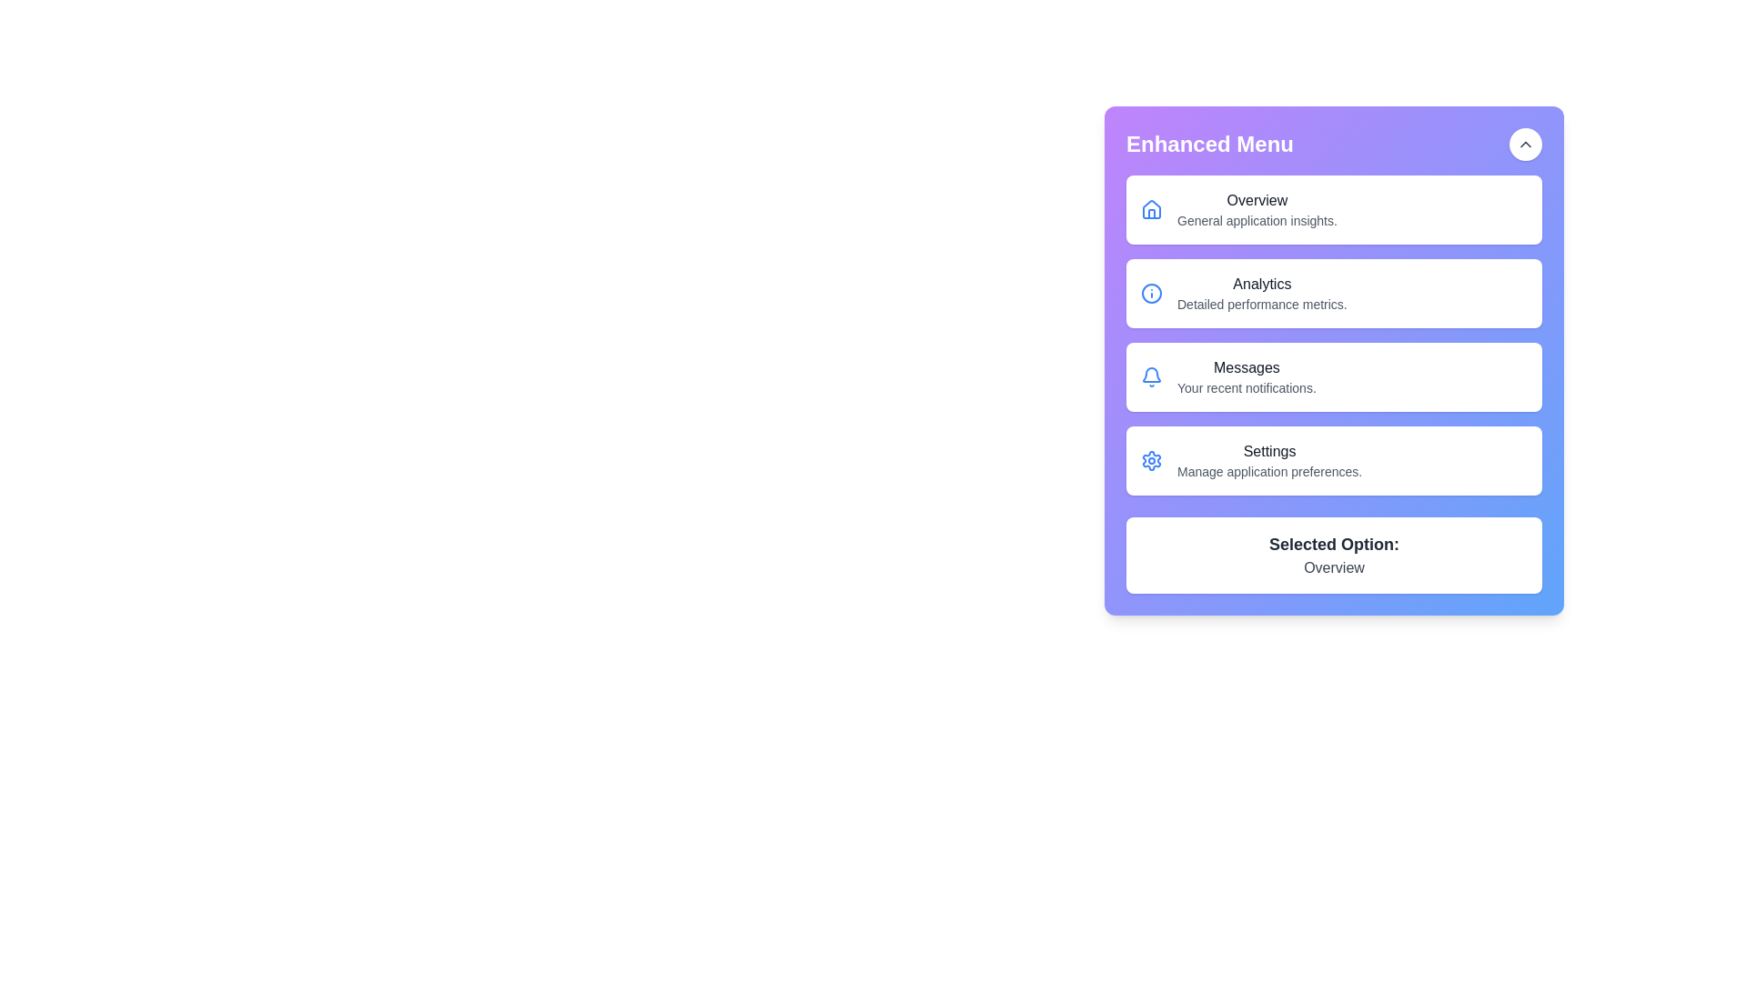 The height and width of the screenshot is (982, 1747). What do you see at coordinates (1151, 293) in the screenshot?
I see `the informational icon associated with the 'Analytics' menu item, positioned to the left of the 'Analytics - Detailed performance metrics.' text` at bounding box center [1151, 293].